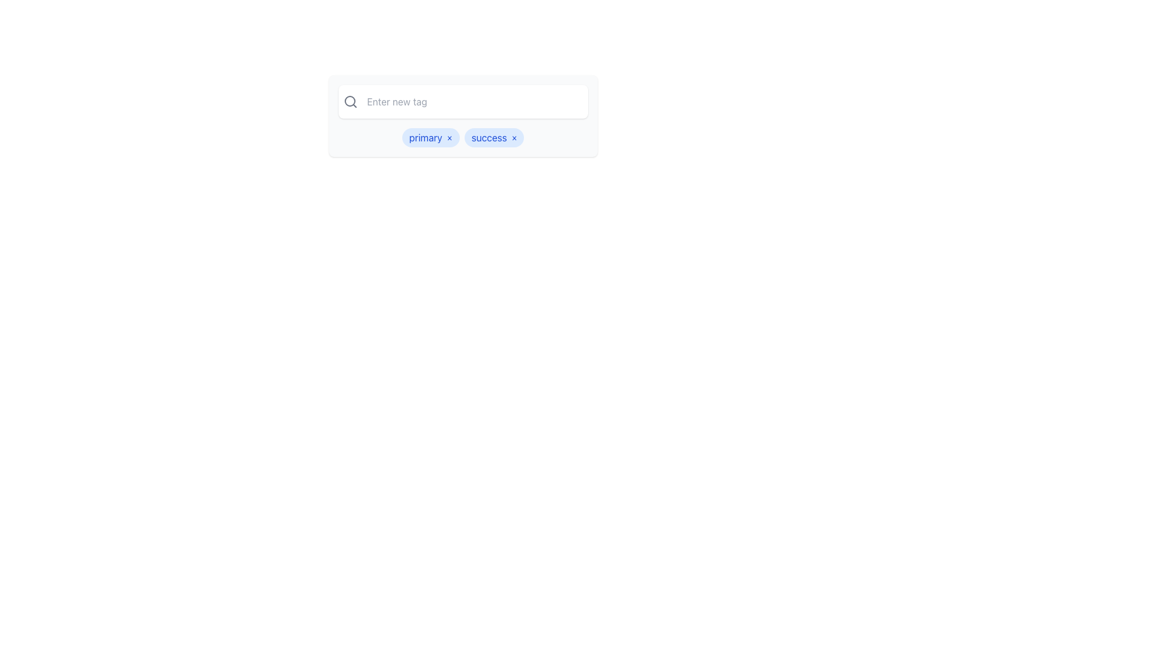  Describe the element at coordinates (349, 101) in the screenshot. I see `the circular outline within the search icon located to the left of the 'Enter new tag' input field` at that location.